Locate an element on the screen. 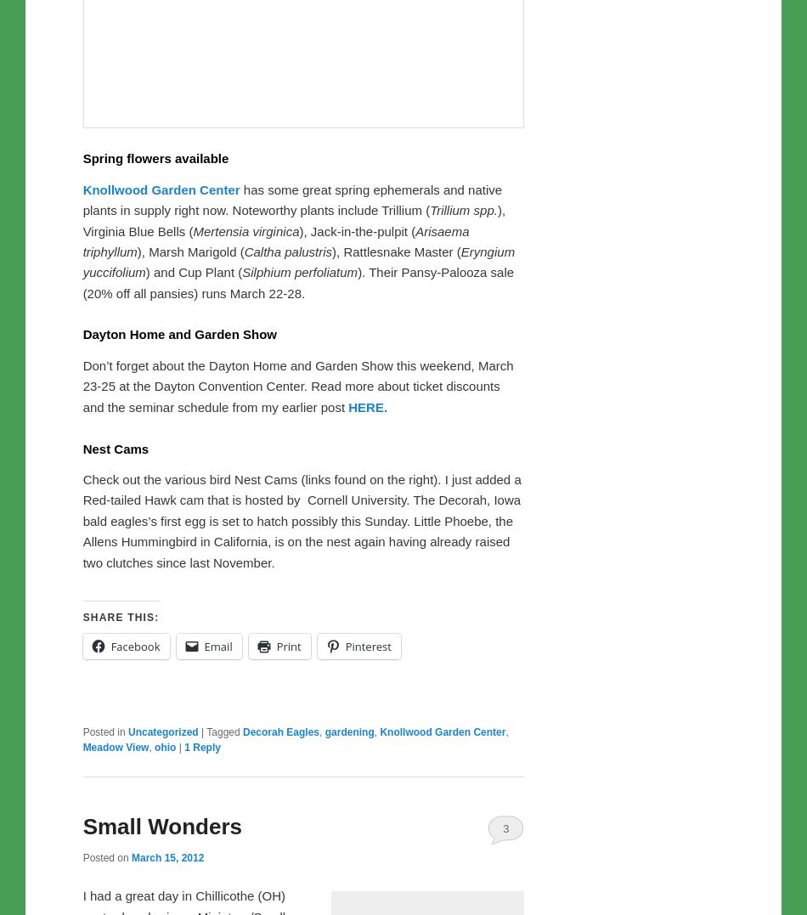 The image size is (807, 915). '), Rattlesnake Master (' is located at coordinates (395, 251).